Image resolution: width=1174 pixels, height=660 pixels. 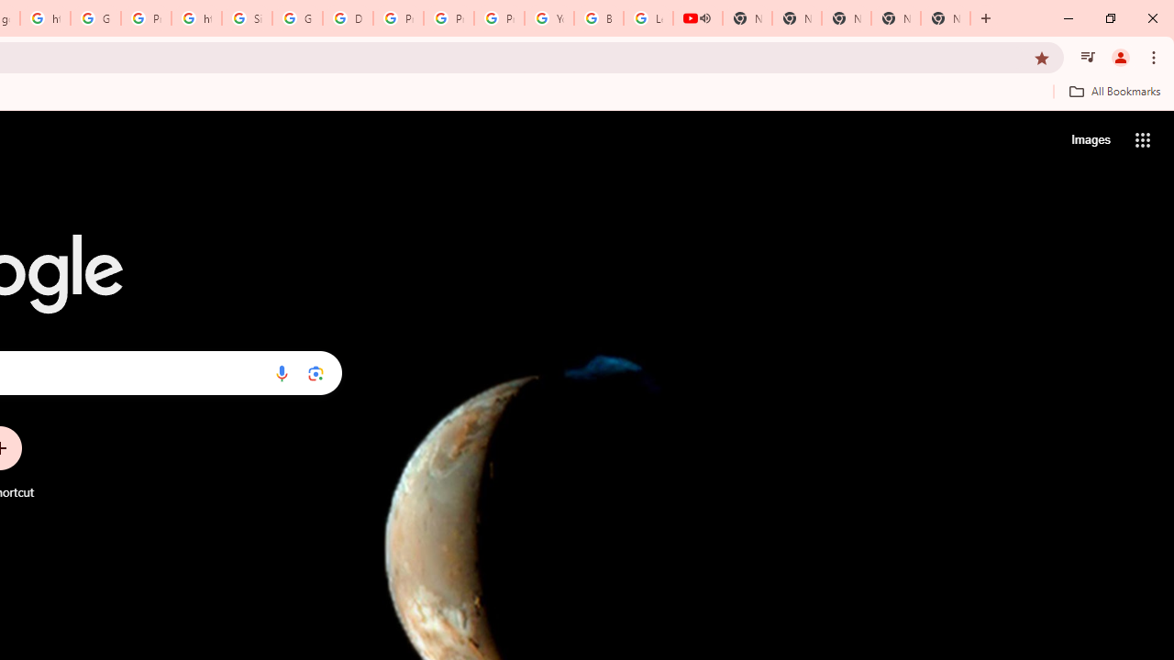 I want to click on 'YouTube', so click(x=548, y=18).